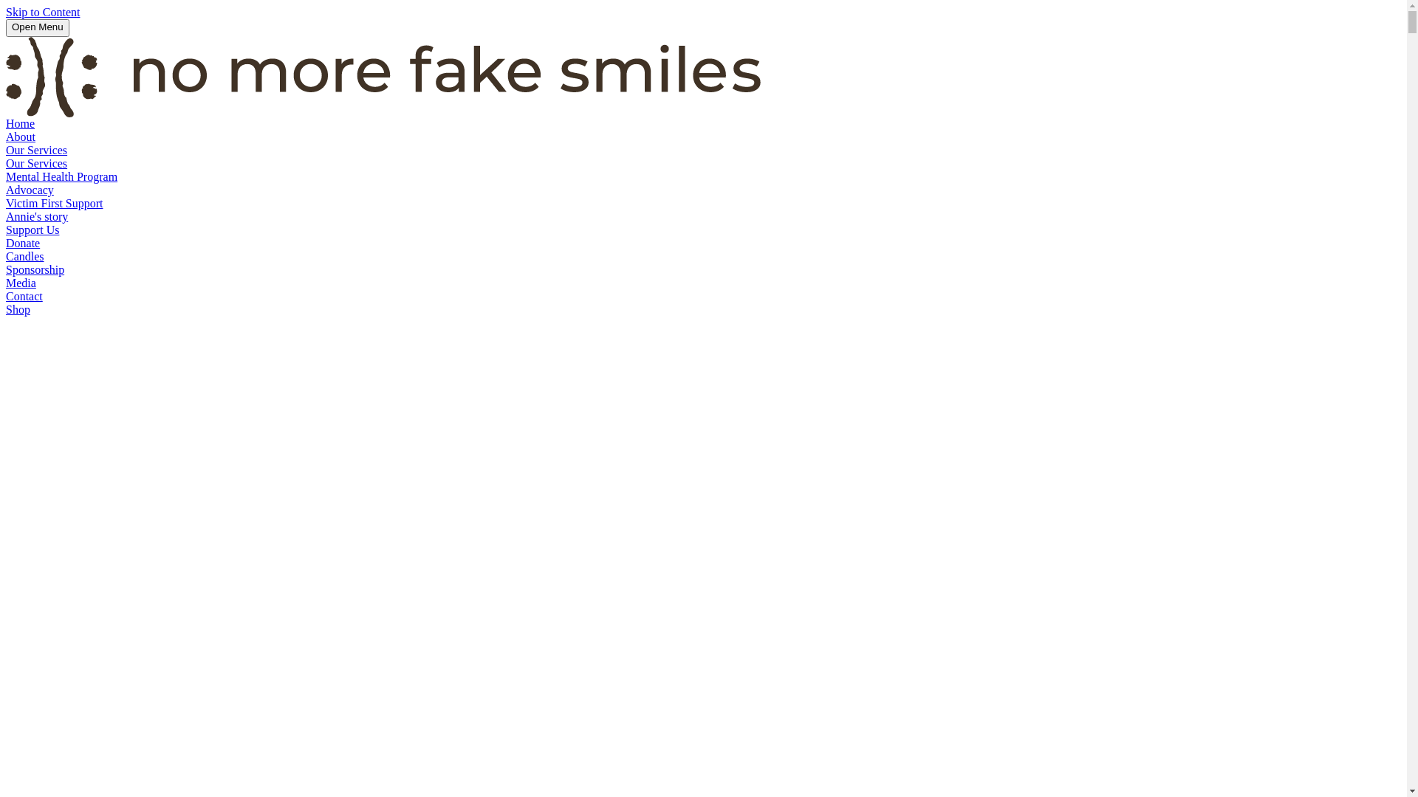  What do you see at coordinates (24, 296) in the screenshot?
I see `'Contact'` at bounding box center [24, 296].